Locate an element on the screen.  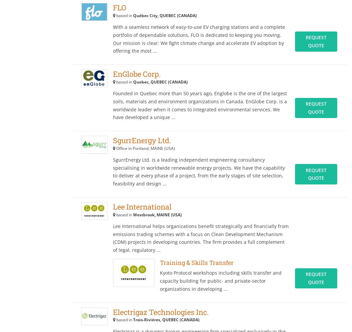
'Company sitemap' is located at coordinates (39, 19).